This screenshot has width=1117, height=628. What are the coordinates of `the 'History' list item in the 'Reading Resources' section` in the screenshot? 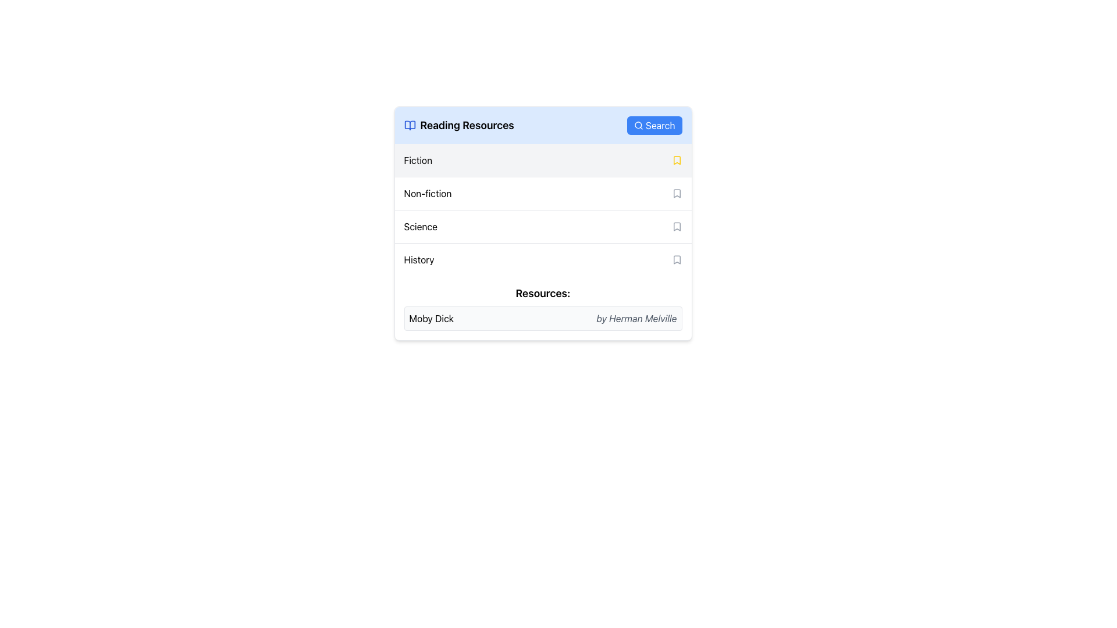 It's located at (542, 259).